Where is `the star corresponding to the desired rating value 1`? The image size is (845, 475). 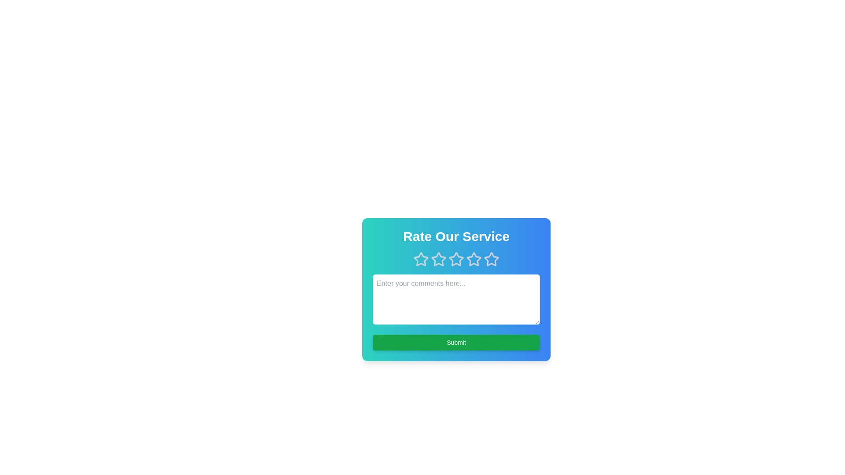
the star corresponding to the desired rating value 1 is located at coordinates (420, 259).